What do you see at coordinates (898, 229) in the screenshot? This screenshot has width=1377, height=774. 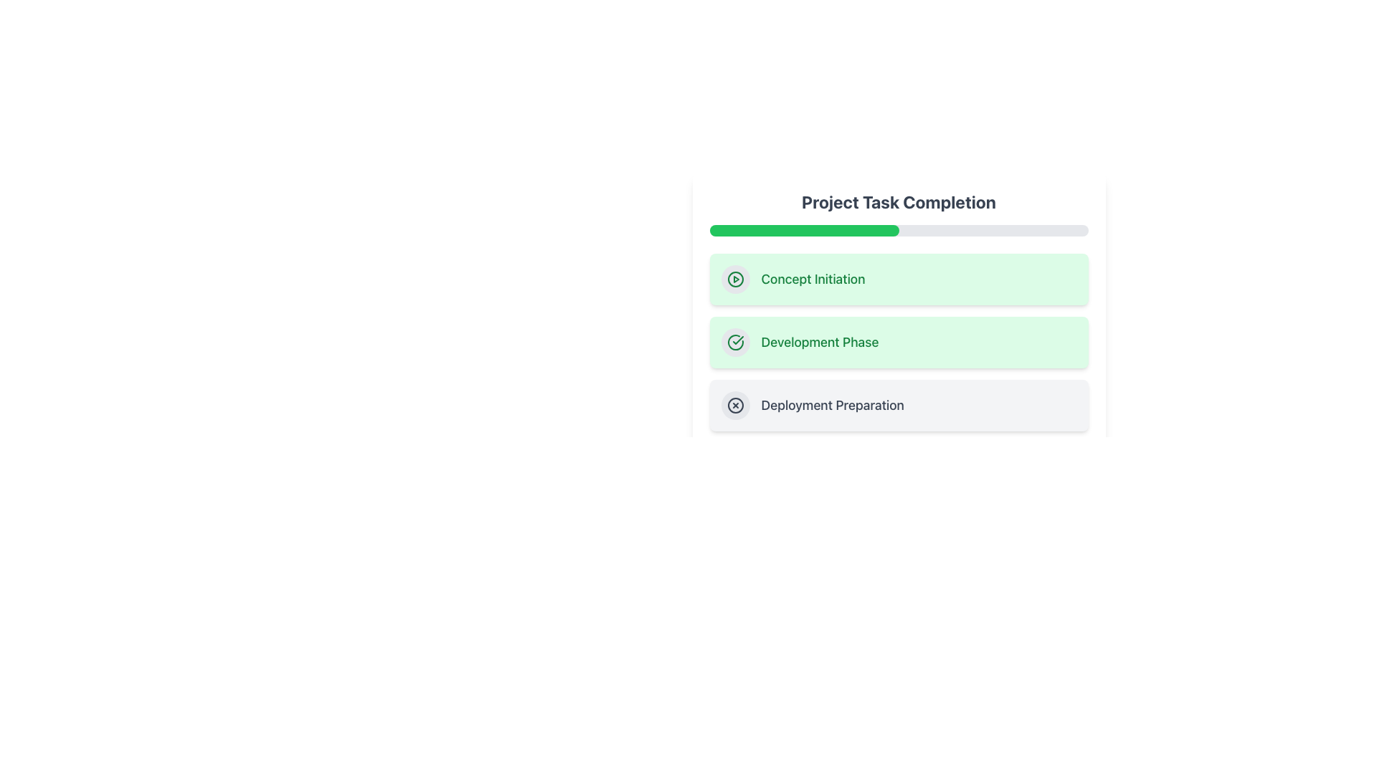 I see `the percentage visual representation of the horizontal progress bar located below the 'Project Task Completion' heading and above the stages list` at bounding box center [898, 229].